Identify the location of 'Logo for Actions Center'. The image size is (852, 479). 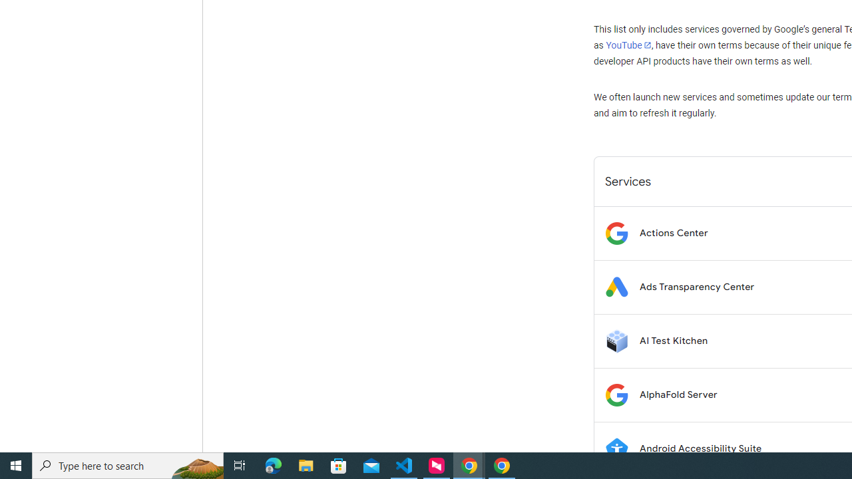
(616, 232).